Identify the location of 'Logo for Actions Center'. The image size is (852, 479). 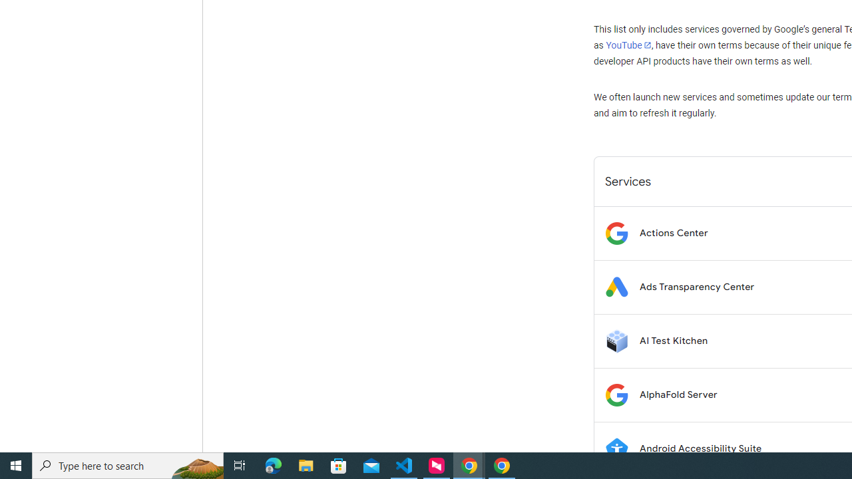
(616, 232).